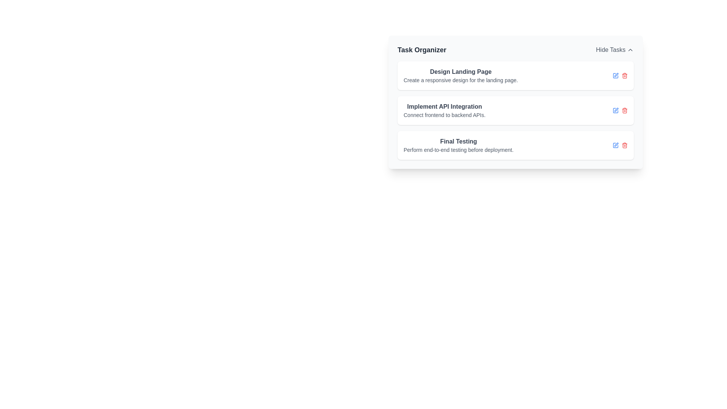  What do you see at coordinates (460, 80) in the screenshot?
I see `the text description providing details about the task titled 'Design Landing Page', which is positioned directly beneath the task title in the task list` at bounding box center [460, 80].